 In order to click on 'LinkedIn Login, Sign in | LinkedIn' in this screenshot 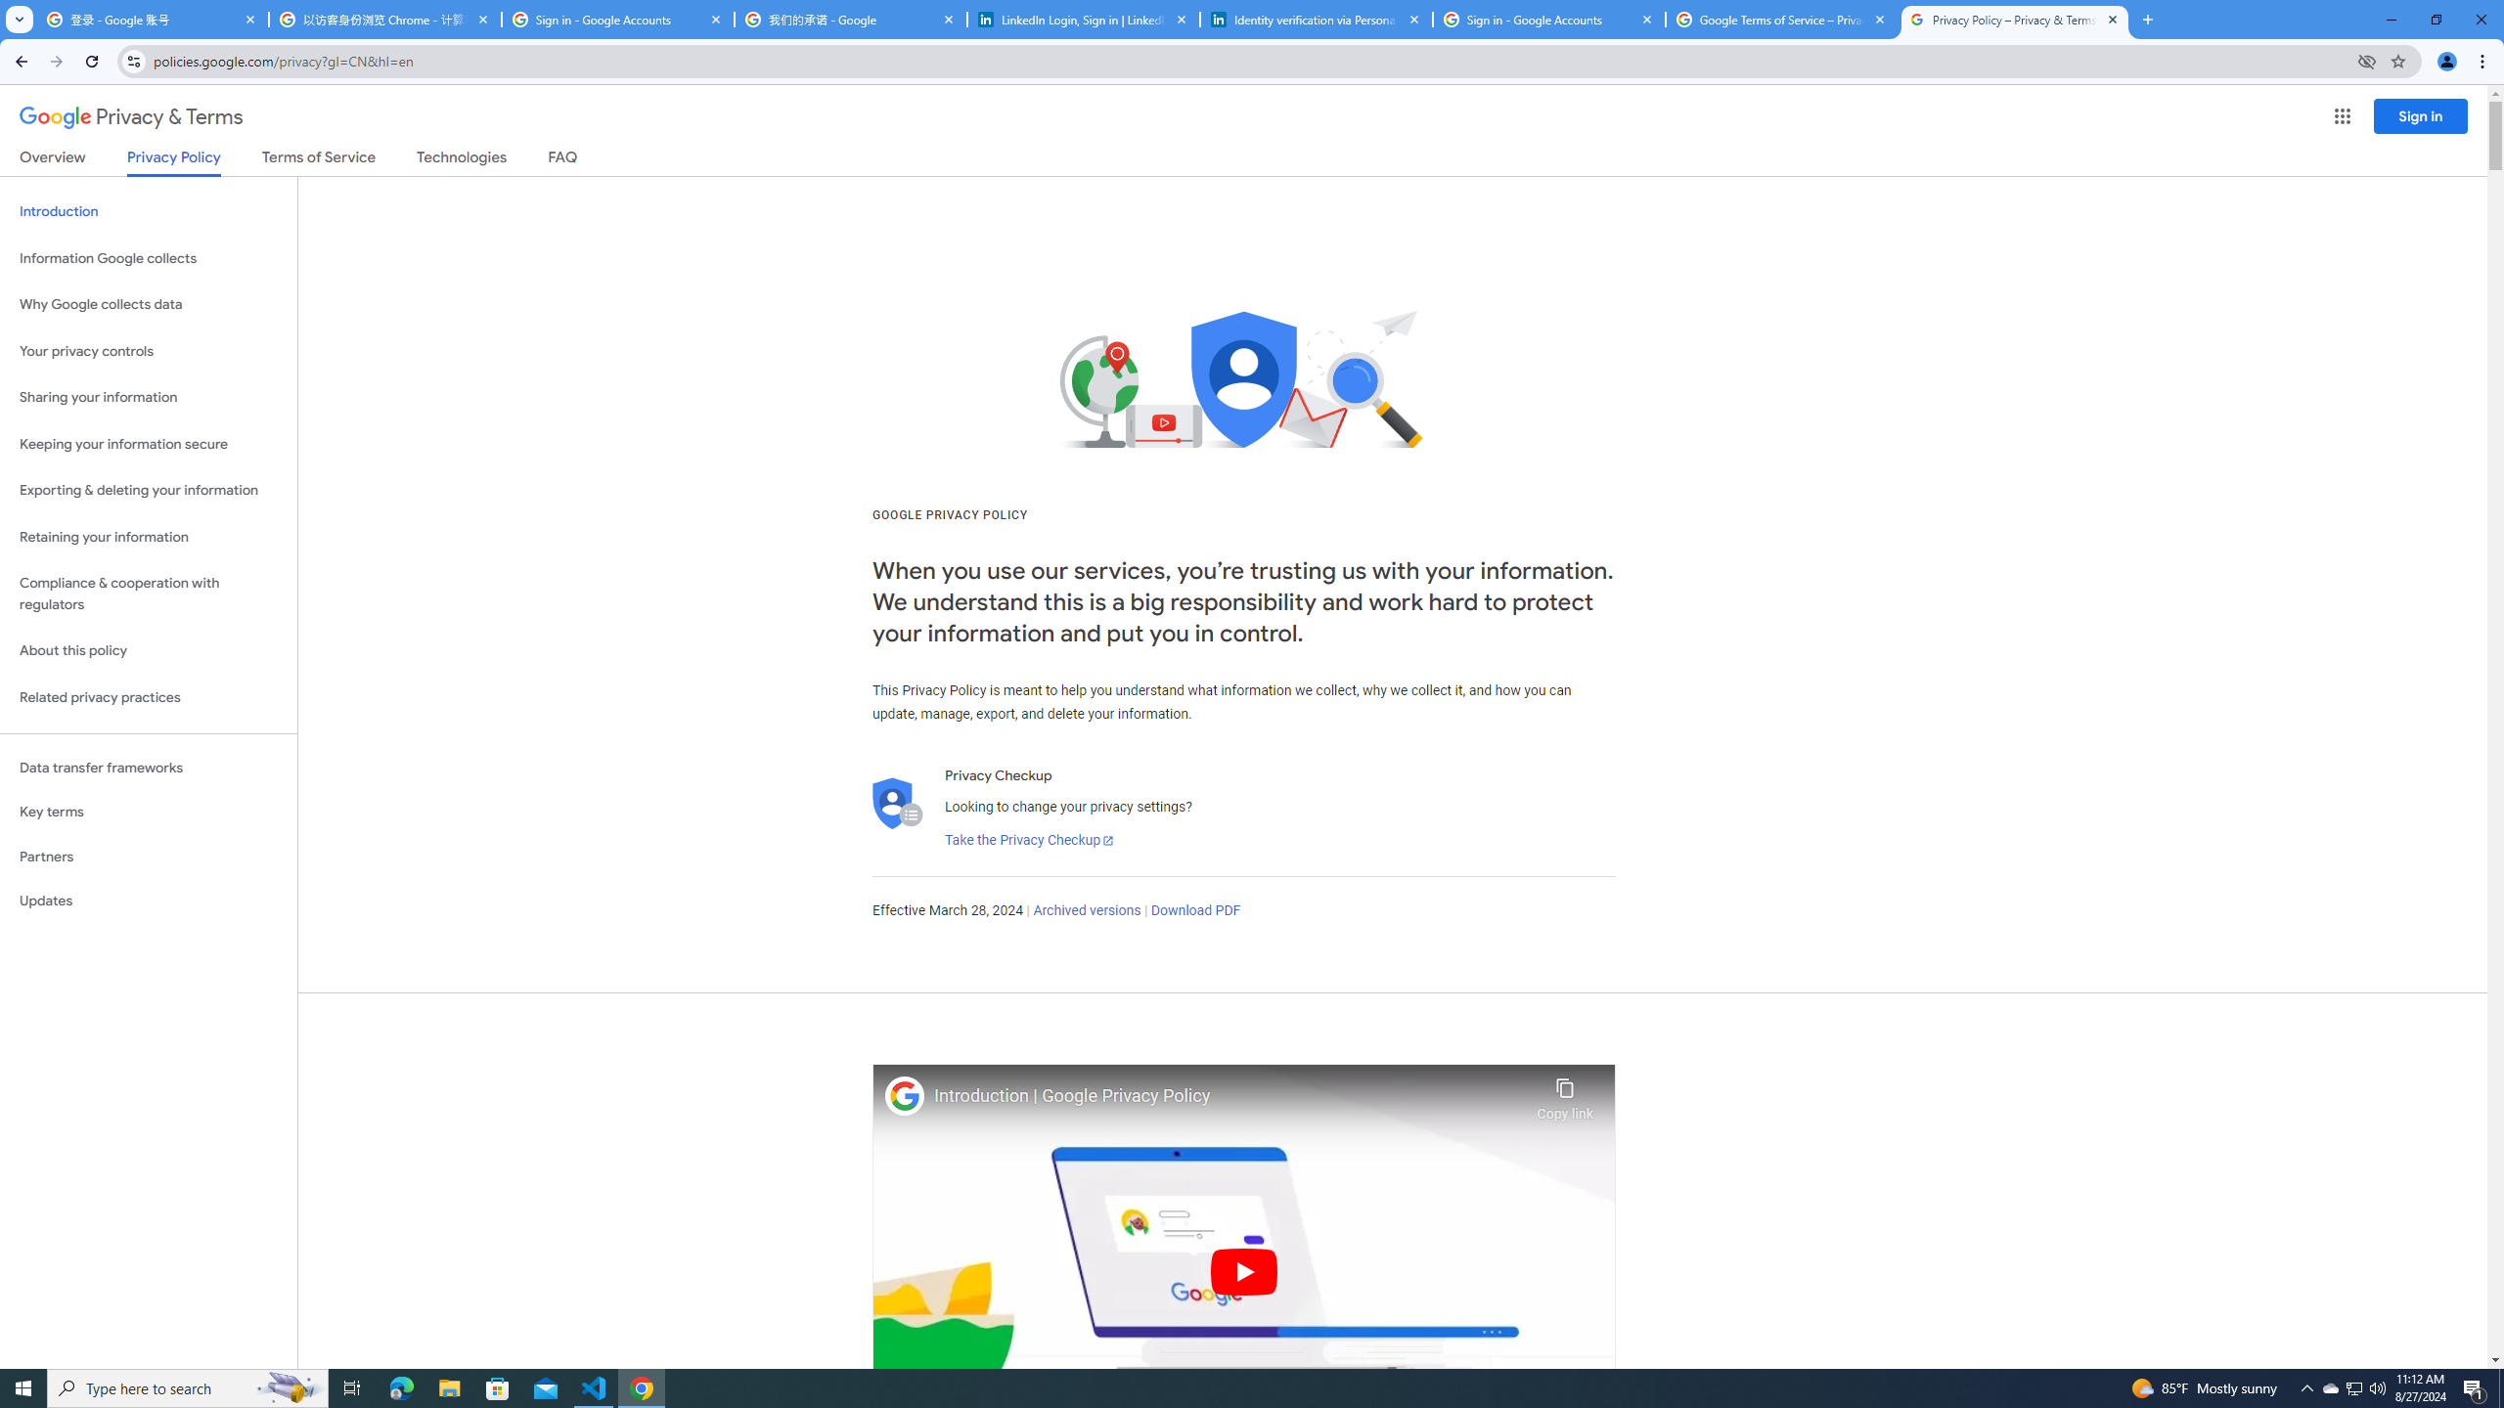, I will do `click(1084, 19)`.